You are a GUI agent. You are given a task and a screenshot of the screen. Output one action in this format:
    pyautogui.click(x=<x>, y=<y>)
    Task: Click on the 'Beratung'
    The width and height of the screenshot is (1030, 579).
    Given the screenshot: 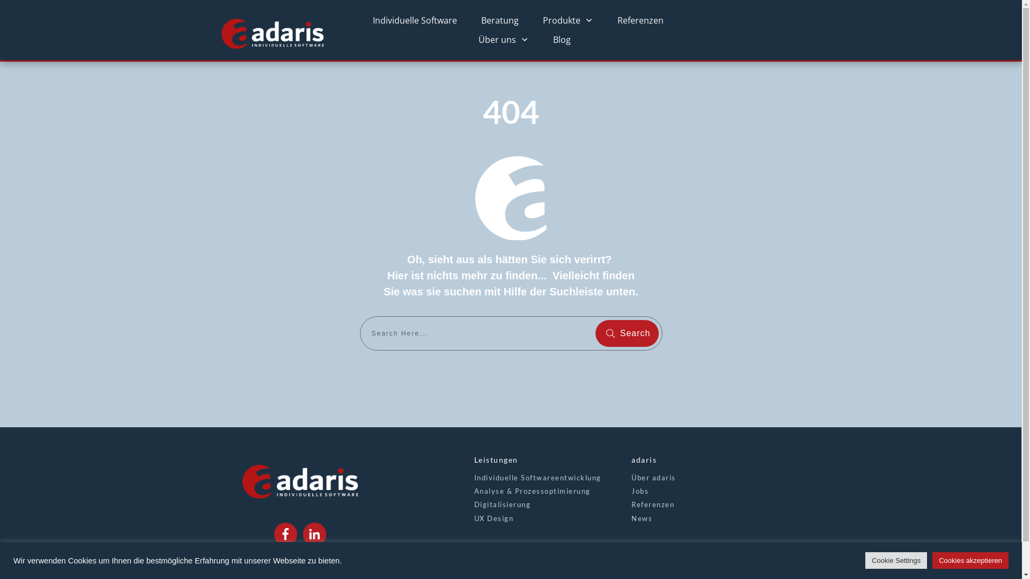 What is the action you would take?
    pyautogui.click(x=499, y=20)
    